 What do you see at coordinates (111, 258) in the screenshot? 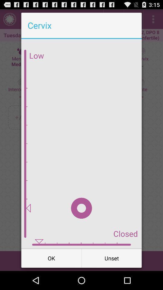
I see `unset` at bounding box center [111, 258].